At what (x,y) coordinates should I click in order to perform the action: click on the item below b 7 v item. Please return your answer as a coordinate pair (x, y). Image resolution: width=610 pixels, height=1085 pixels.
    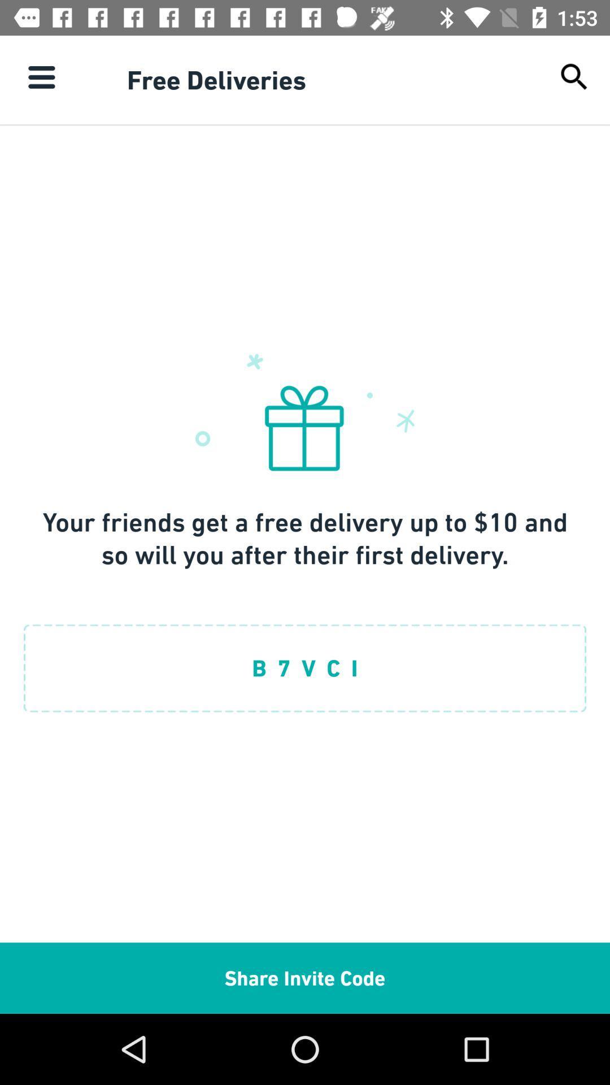
    Looking at the image, I should click on (305, 978).